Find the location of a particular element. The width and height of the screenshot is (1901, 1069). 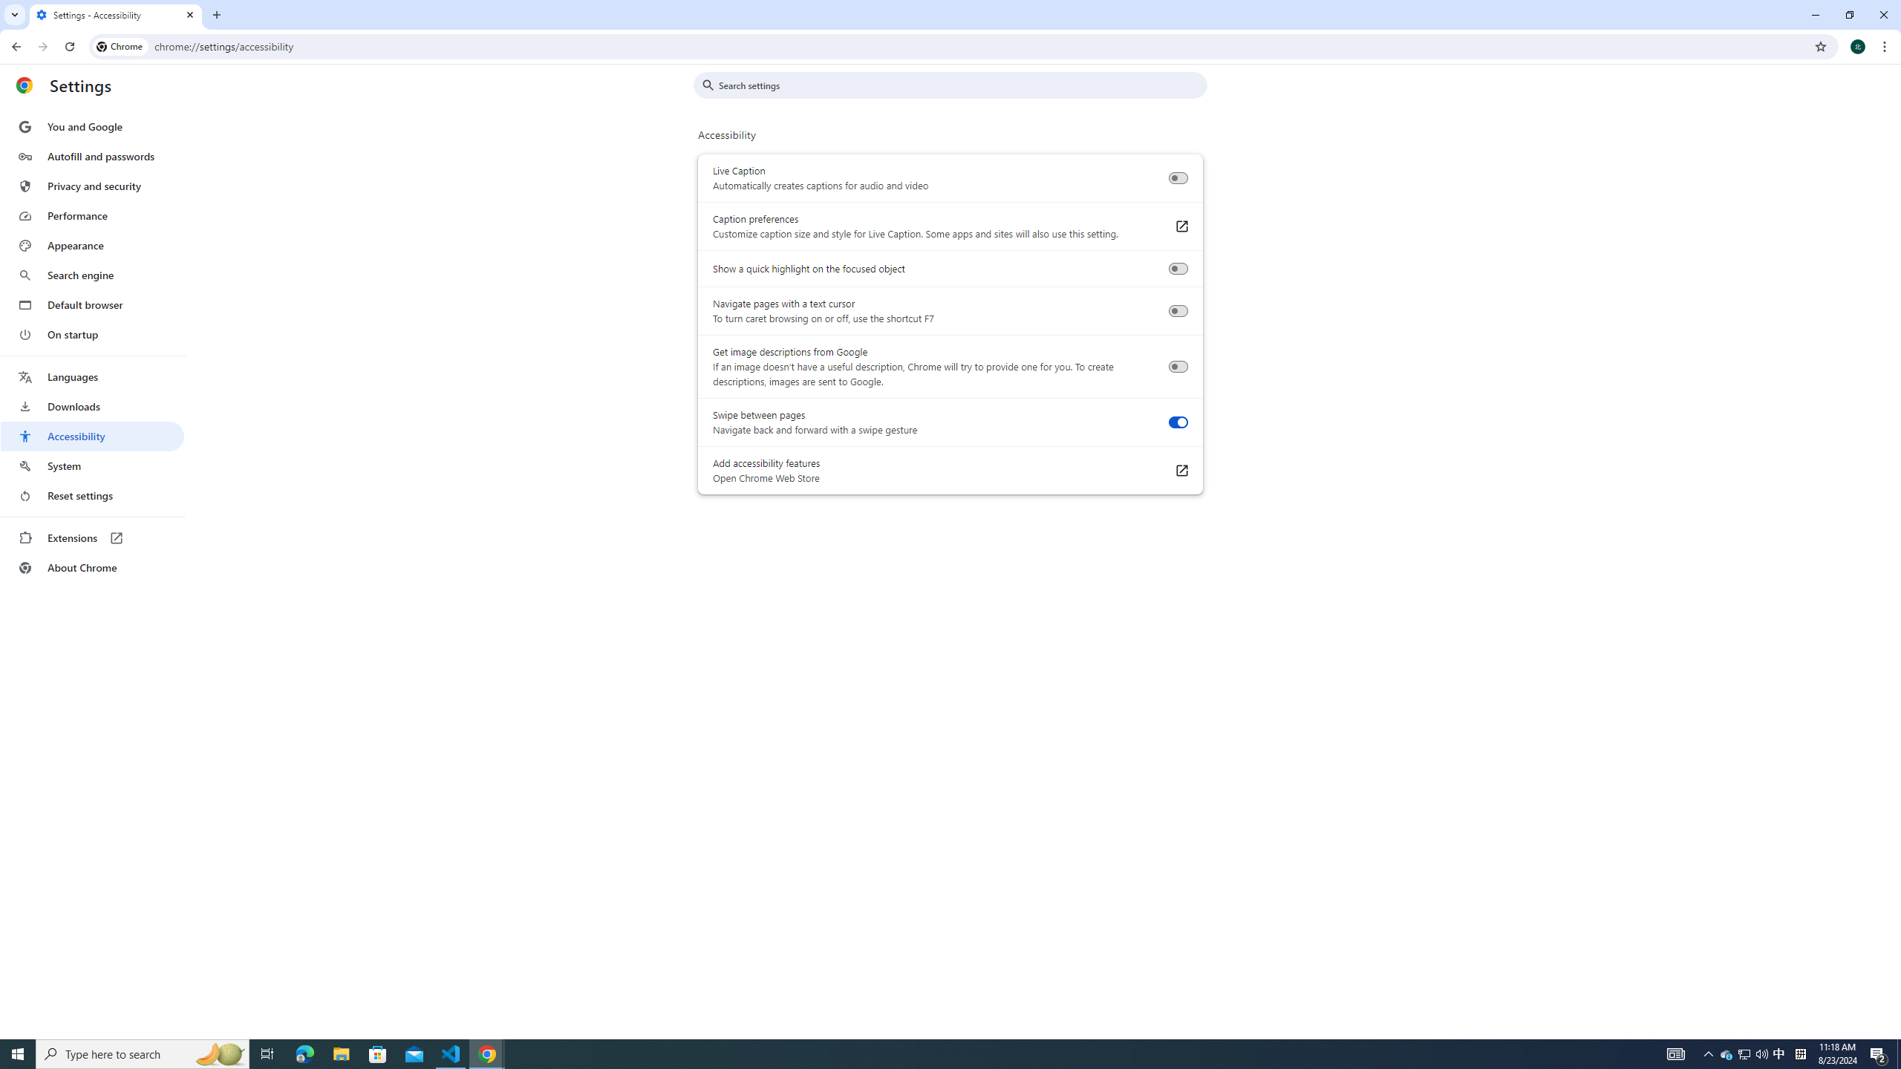

'Privacy and security' is located at coordinates (91, 185).